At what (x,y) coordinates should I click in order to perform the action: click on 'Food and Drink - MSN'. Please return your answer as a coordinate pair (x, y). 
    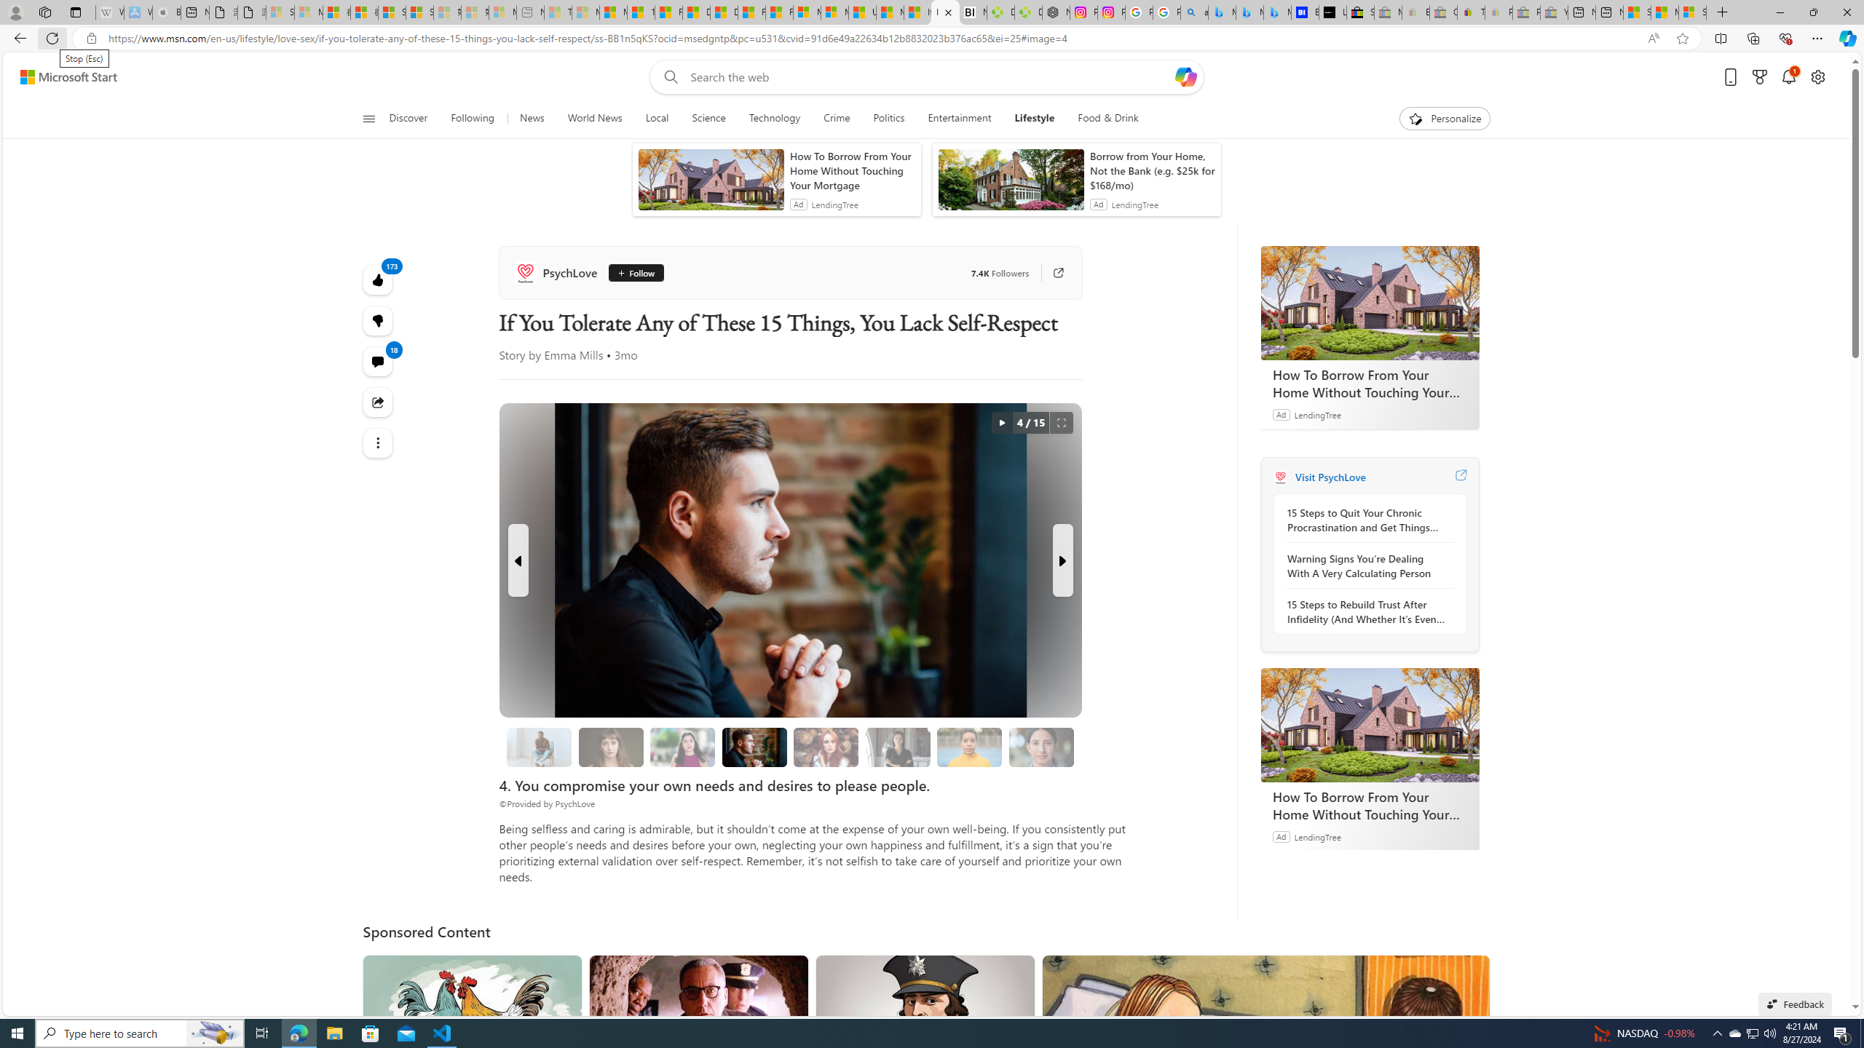
    Looking at the image, I should click on (668, 12).